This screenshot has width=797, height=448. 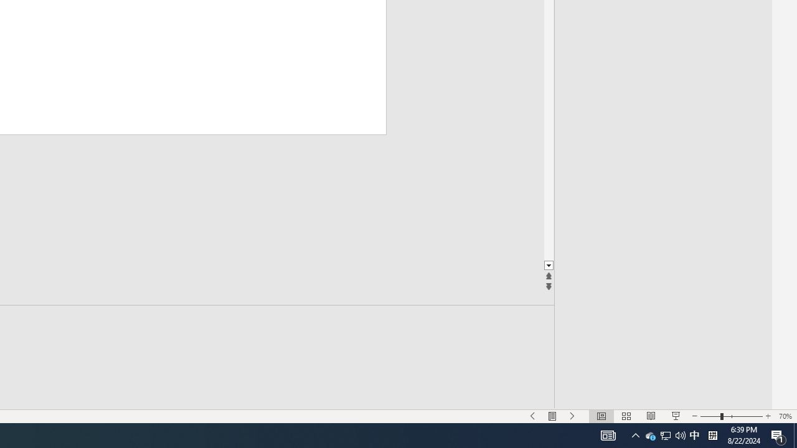 What do you see at coordinates (732, 416) in the screenshot?
I see `'Zoom'` at bounding box center [732, 416].